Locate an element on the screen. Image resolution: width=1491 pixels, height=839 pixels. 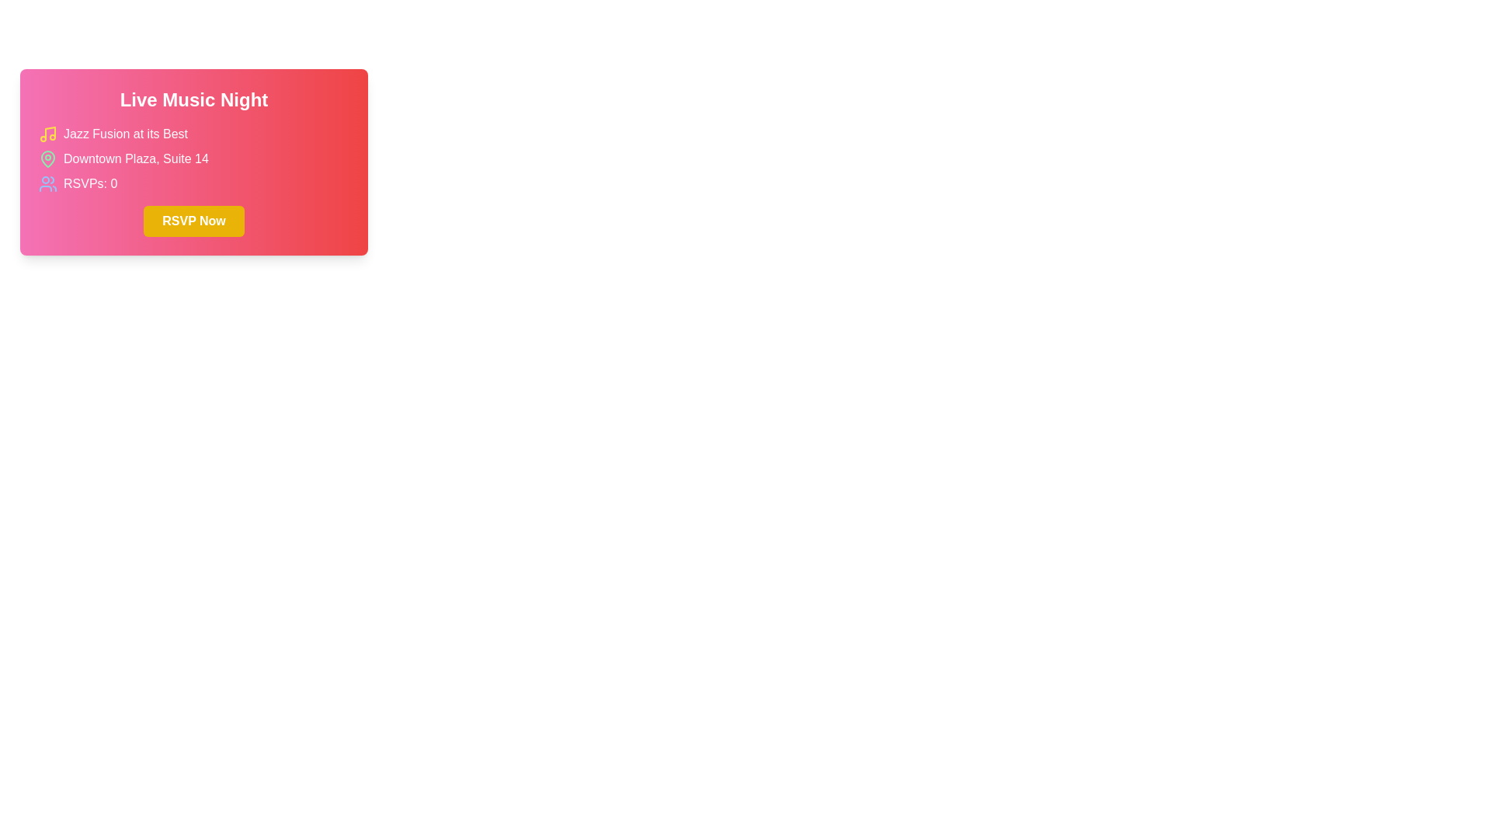
the RSVP button located at the bottom center of the event card to confirm attendance is located at coordinates (193, 221).